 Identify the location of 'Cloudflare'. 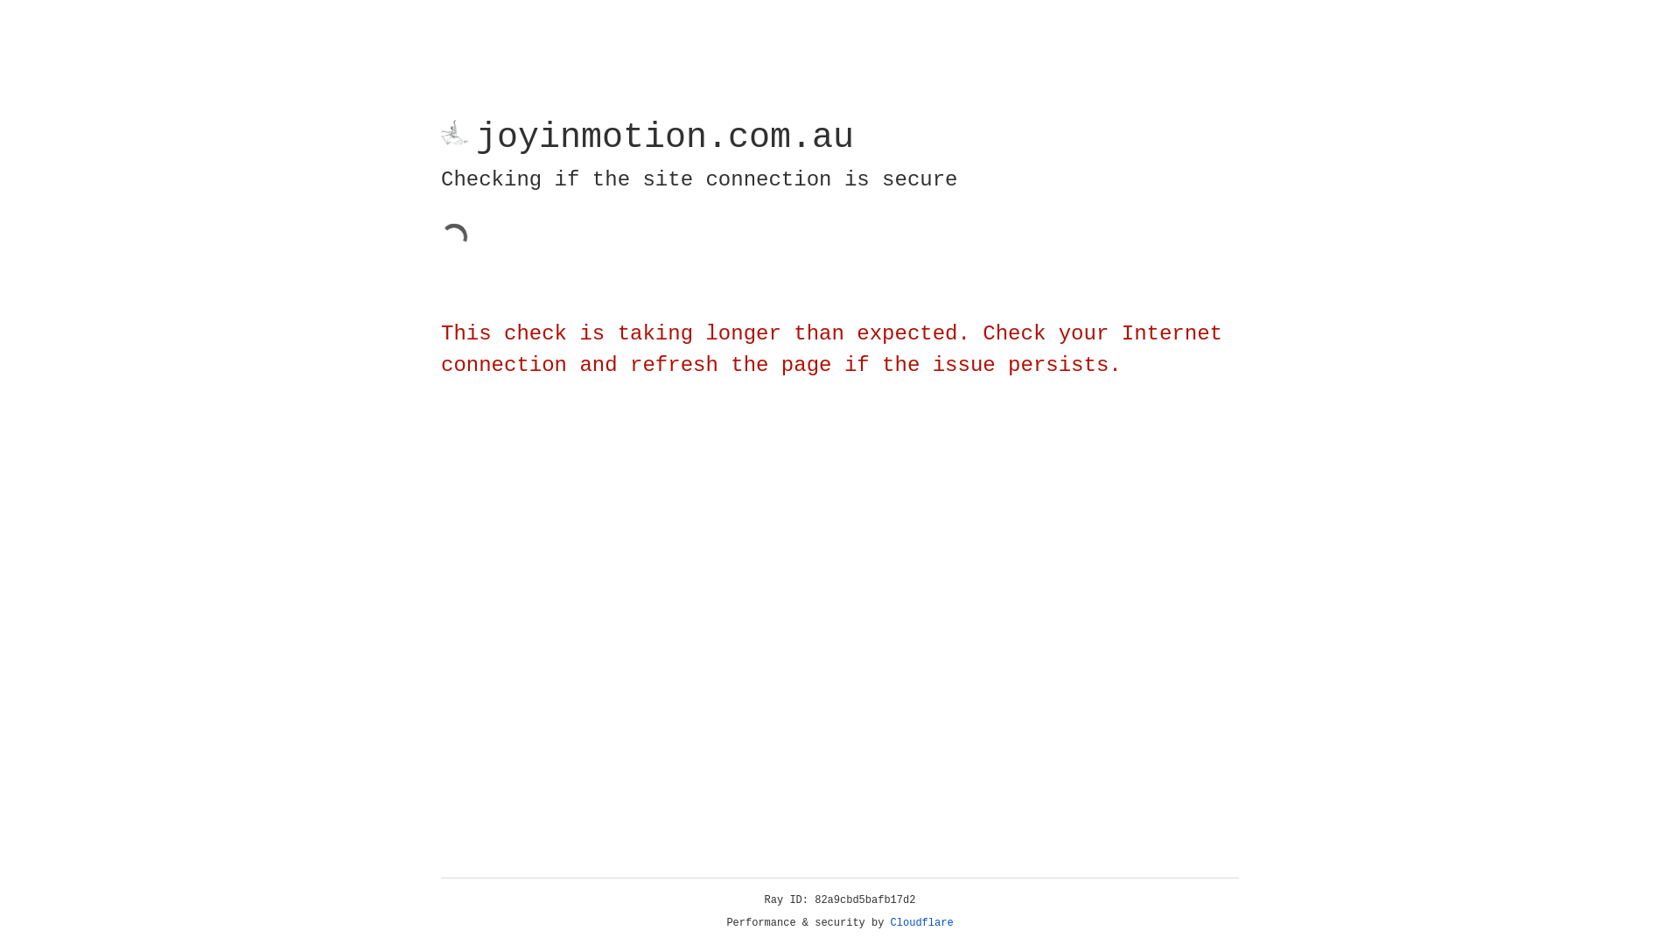
(921, 922).